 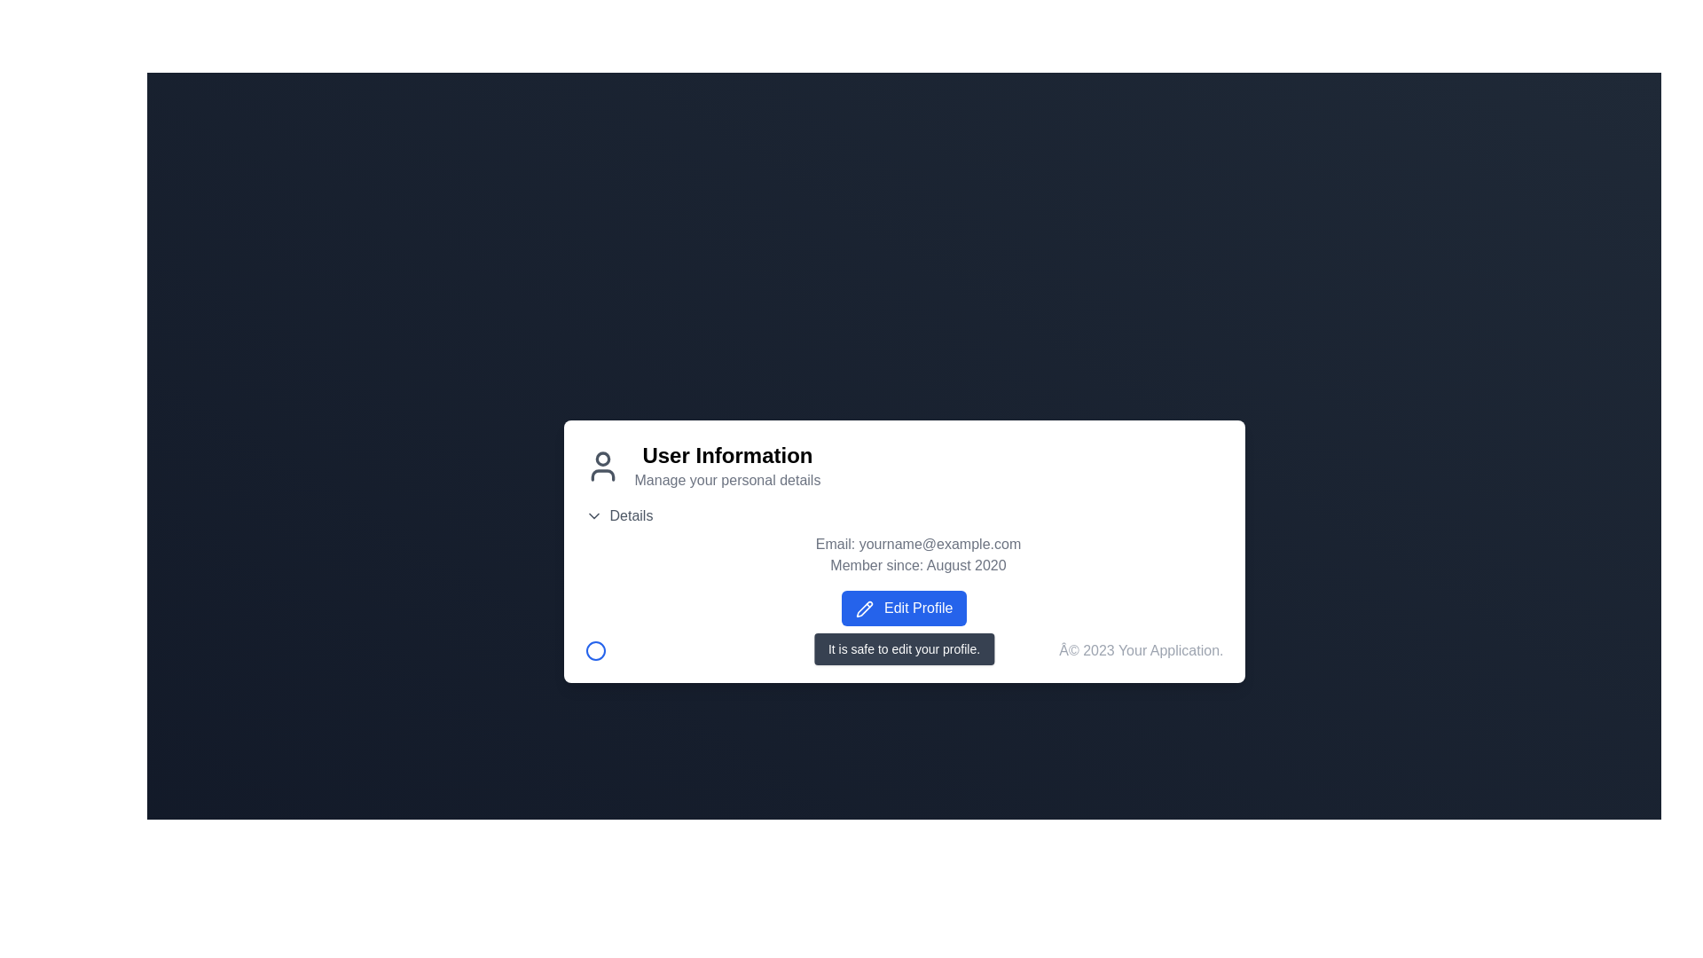 What do you see at coordinates (864, 608) in the screenshot?
I see `the small blue pencil icon that is part of the 'Edit Profile' button located at the bottom-middle of the content box` at bounding box center [864, 608].